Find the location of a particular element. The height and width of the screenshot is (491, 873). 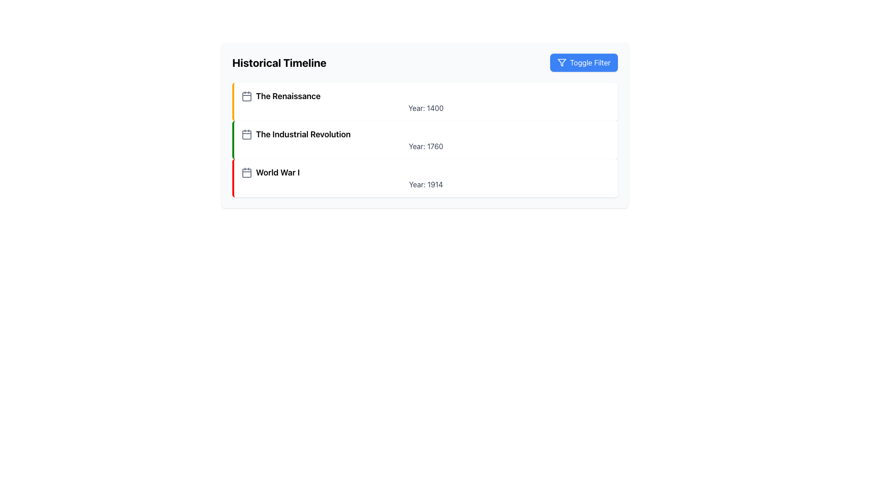

the calendar icon, which is a gray, simplistic, flat design element positioned at the beginning of the row labeled 'The Renaissance' is located at coordinates (246, 96).